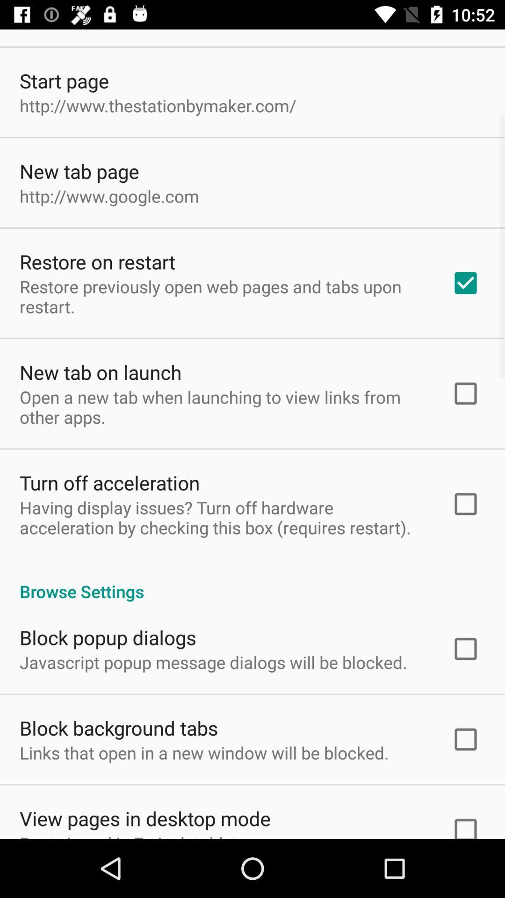 This screenshot has height=898, width=505. Describe the element at coordinates (135, 835) in the screenshot. I see `the item below the view pages in` at that location.